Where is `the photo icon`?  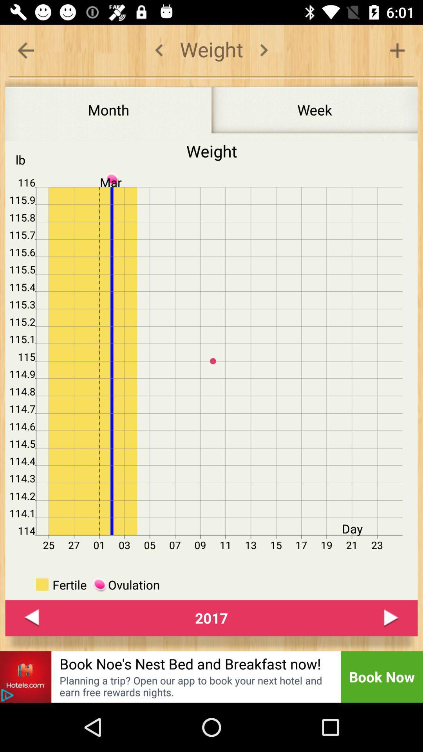 the photo icon is located at coordinates (25, 676).